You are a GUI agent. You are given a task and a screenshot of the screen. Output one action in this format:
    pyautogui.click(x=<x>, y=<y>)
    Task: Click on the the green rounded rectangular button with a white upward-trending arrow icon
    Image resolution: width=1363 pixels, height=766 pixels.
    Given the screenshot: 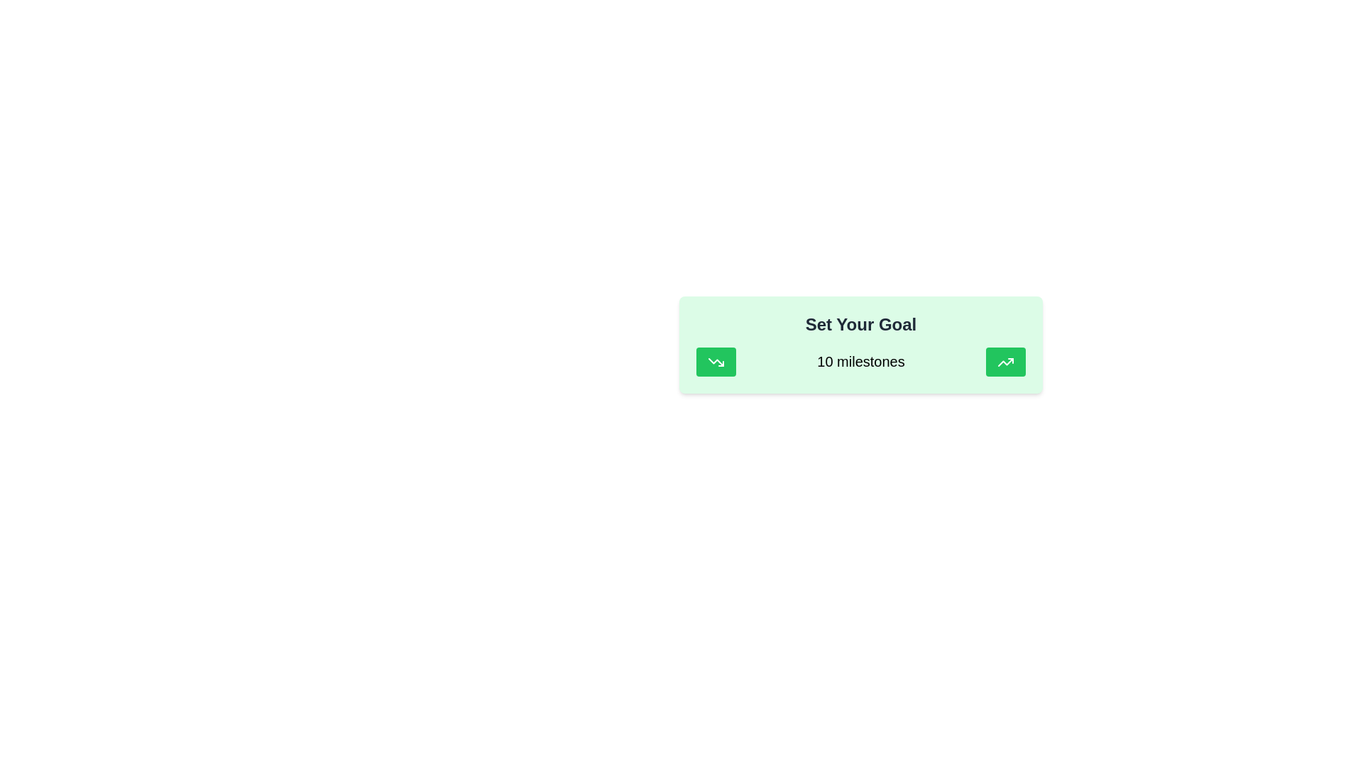 What is the action you would take?
    pyautogui.click(x=1005, y=360)
    